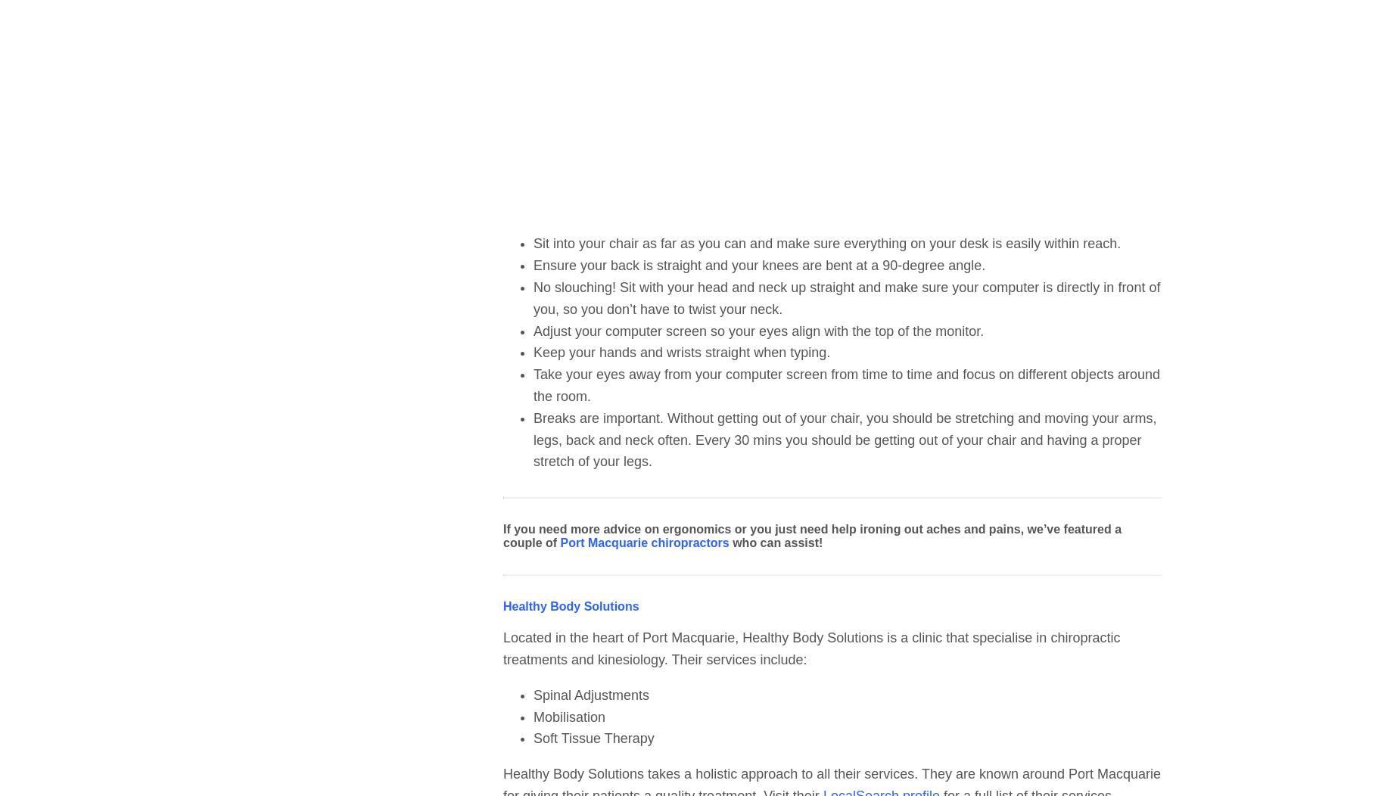  What do you see at coordinates (644, 543) in the screenshot?
I see `'Port Macquarie chiropractors'` at bounding box center [644, 543].